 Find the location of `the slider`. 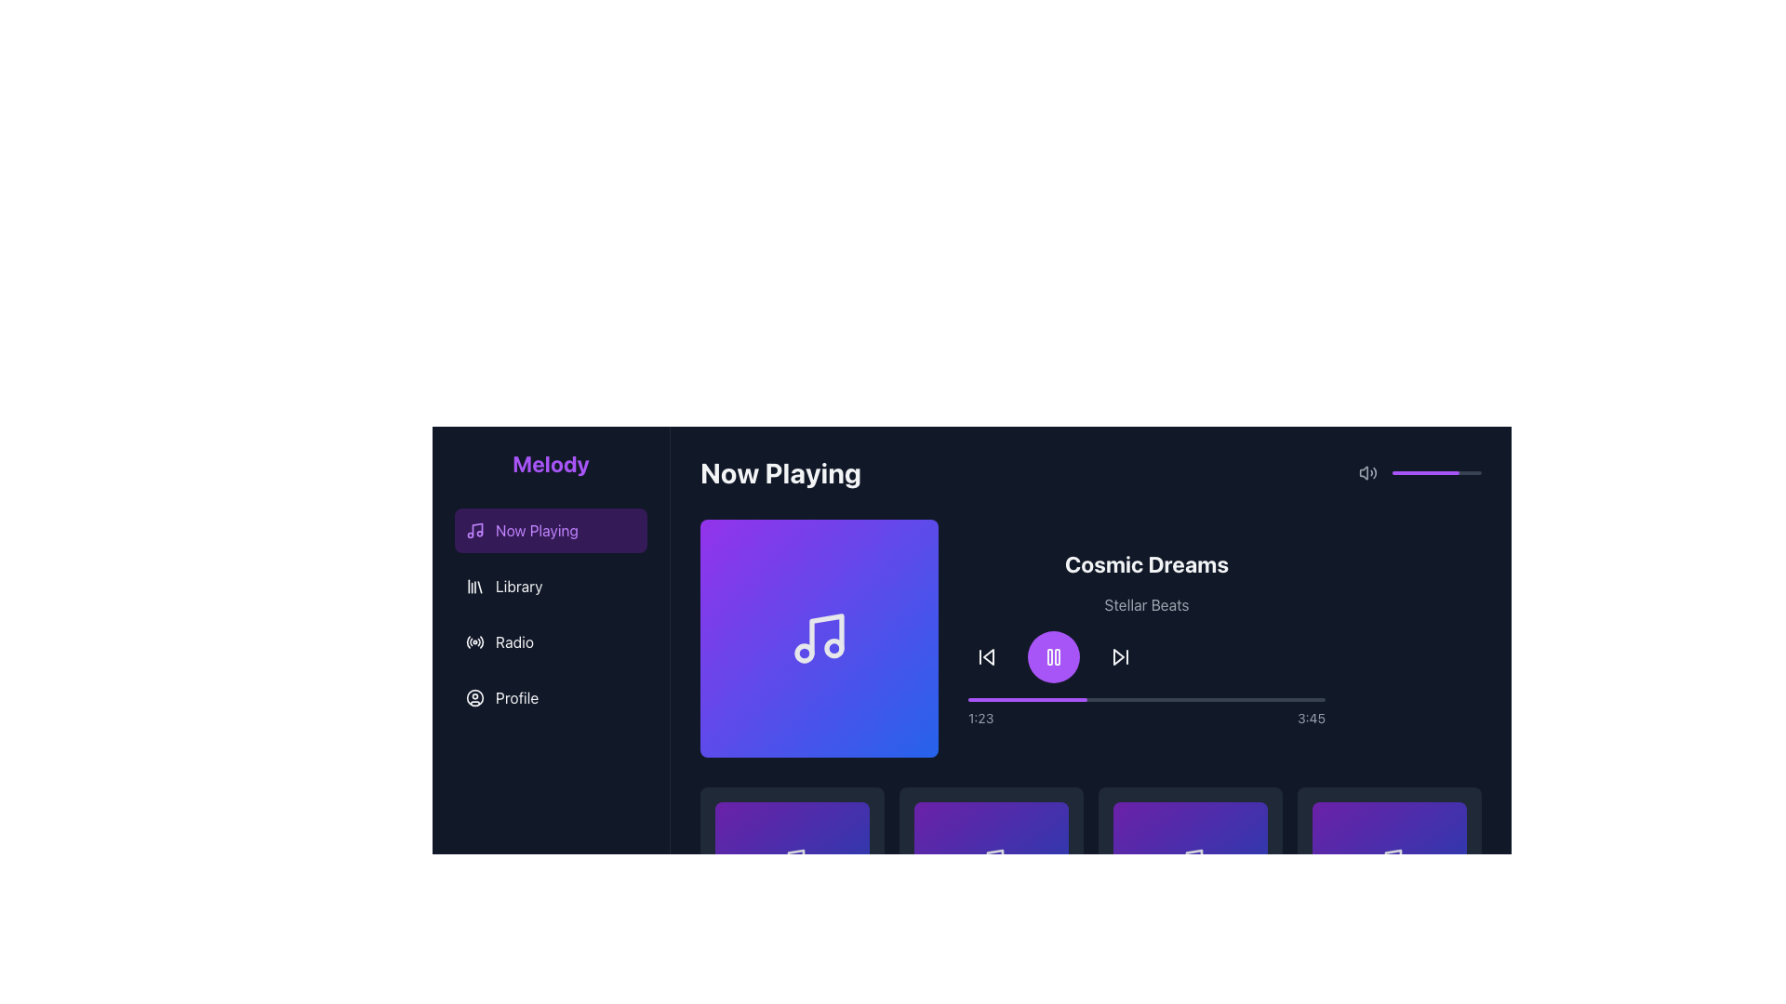

the slider is located at coordinates (1419, 472).